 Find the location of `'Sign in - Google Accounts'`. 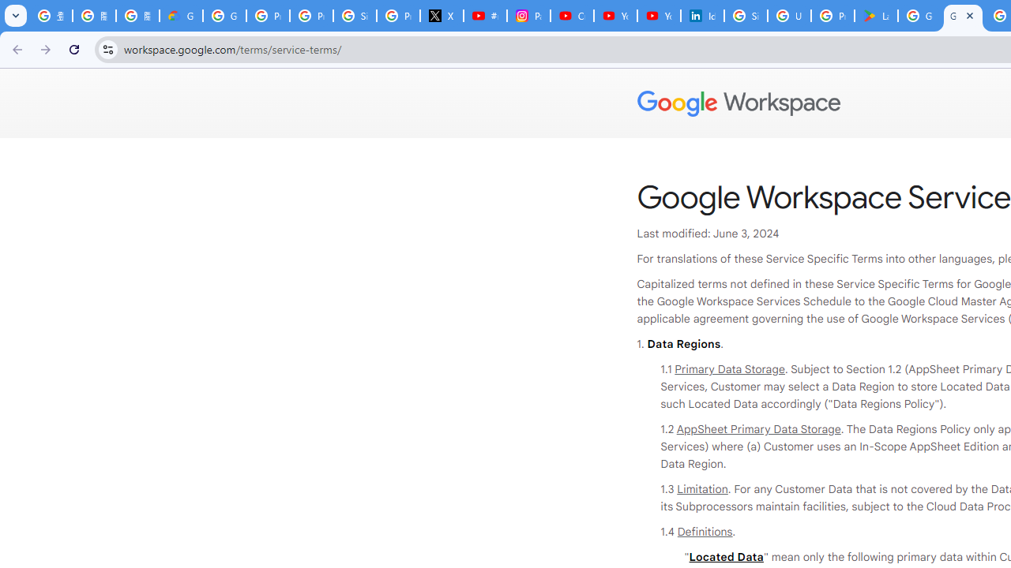

'Sign in - Google Accounts' is located at coordinates (745, 16).